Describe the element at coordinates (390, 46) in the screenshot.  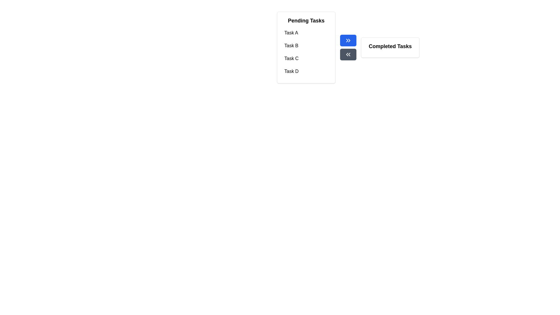
I see `the Text label that indicates completed tasks, located near the center of a white rectangular panel on the right side of the 'Pending Tasks' section` at that location.